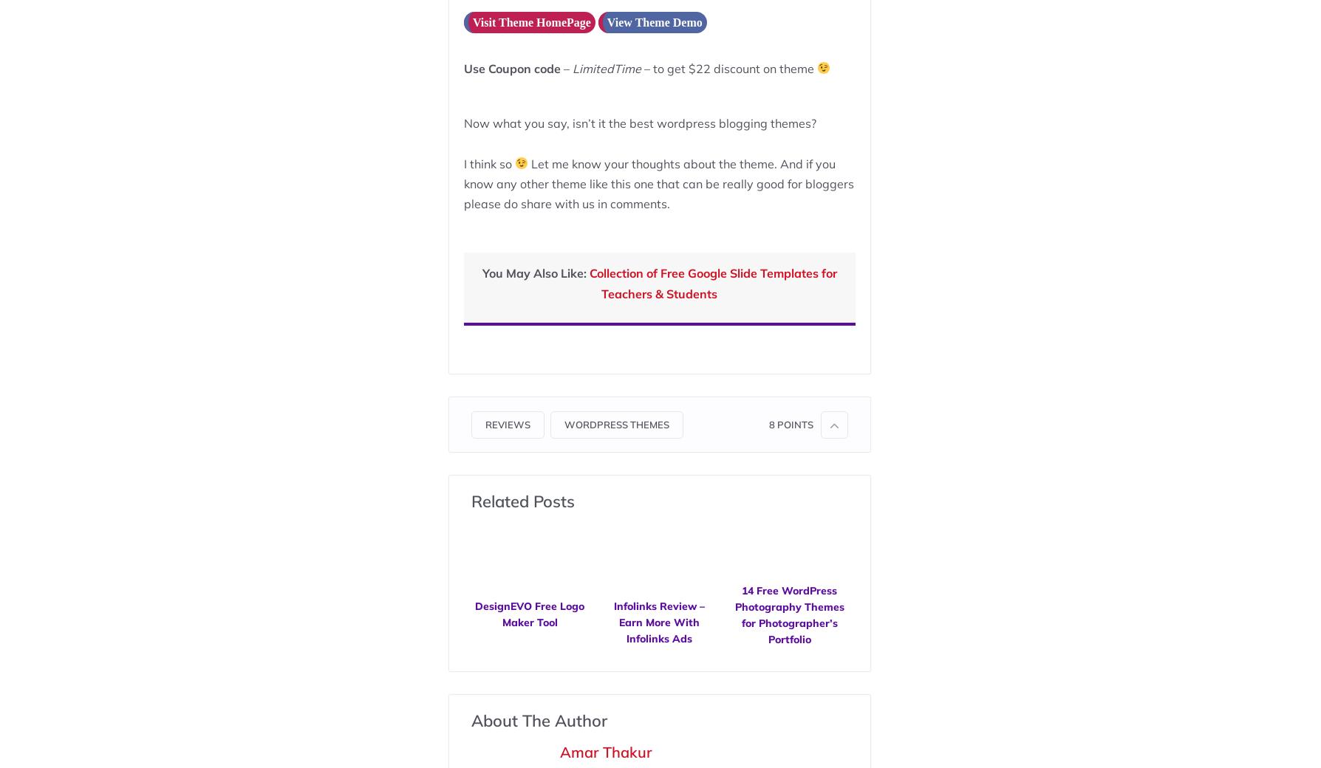 This screenshot has width=1321, height=768. What do you see at coordinates (712, 282) in the screenshot?
I see `'Collection of Free Google Slide Templates for Teachers & Students'` at bounding box center [712, 282].